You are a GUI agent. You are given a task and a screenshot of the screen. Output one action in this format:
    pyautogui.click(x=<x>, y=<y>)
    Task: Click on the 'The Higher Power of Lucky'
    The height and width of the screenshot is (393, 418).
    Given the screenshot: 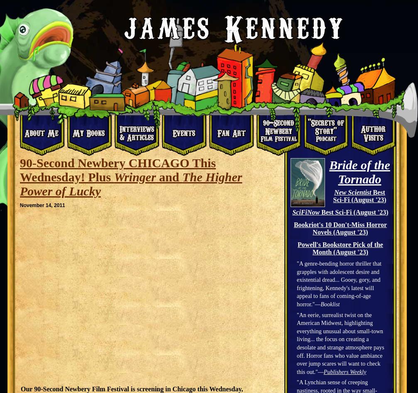 What is the action you would take?
    pyautogui.click(x=131, y=184)
    